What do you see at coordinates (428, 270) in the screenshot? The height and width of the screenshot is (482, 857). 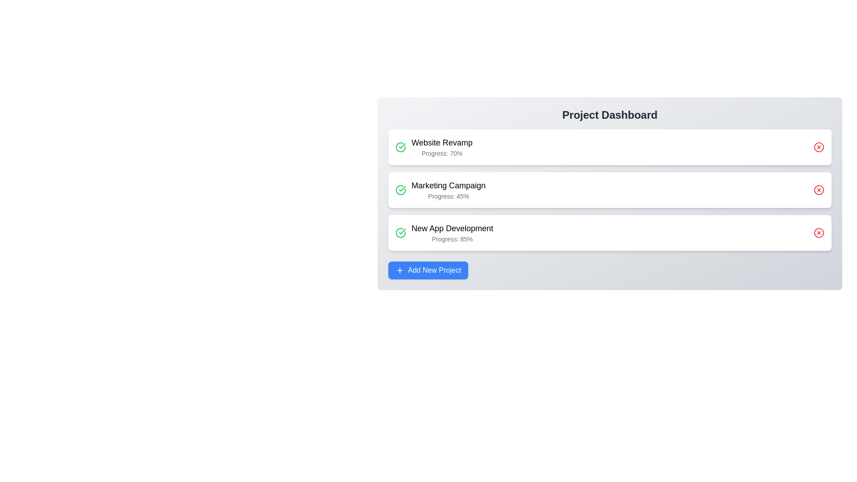 I see `the 'Add New Project' button` at bounding box center [428, 270].